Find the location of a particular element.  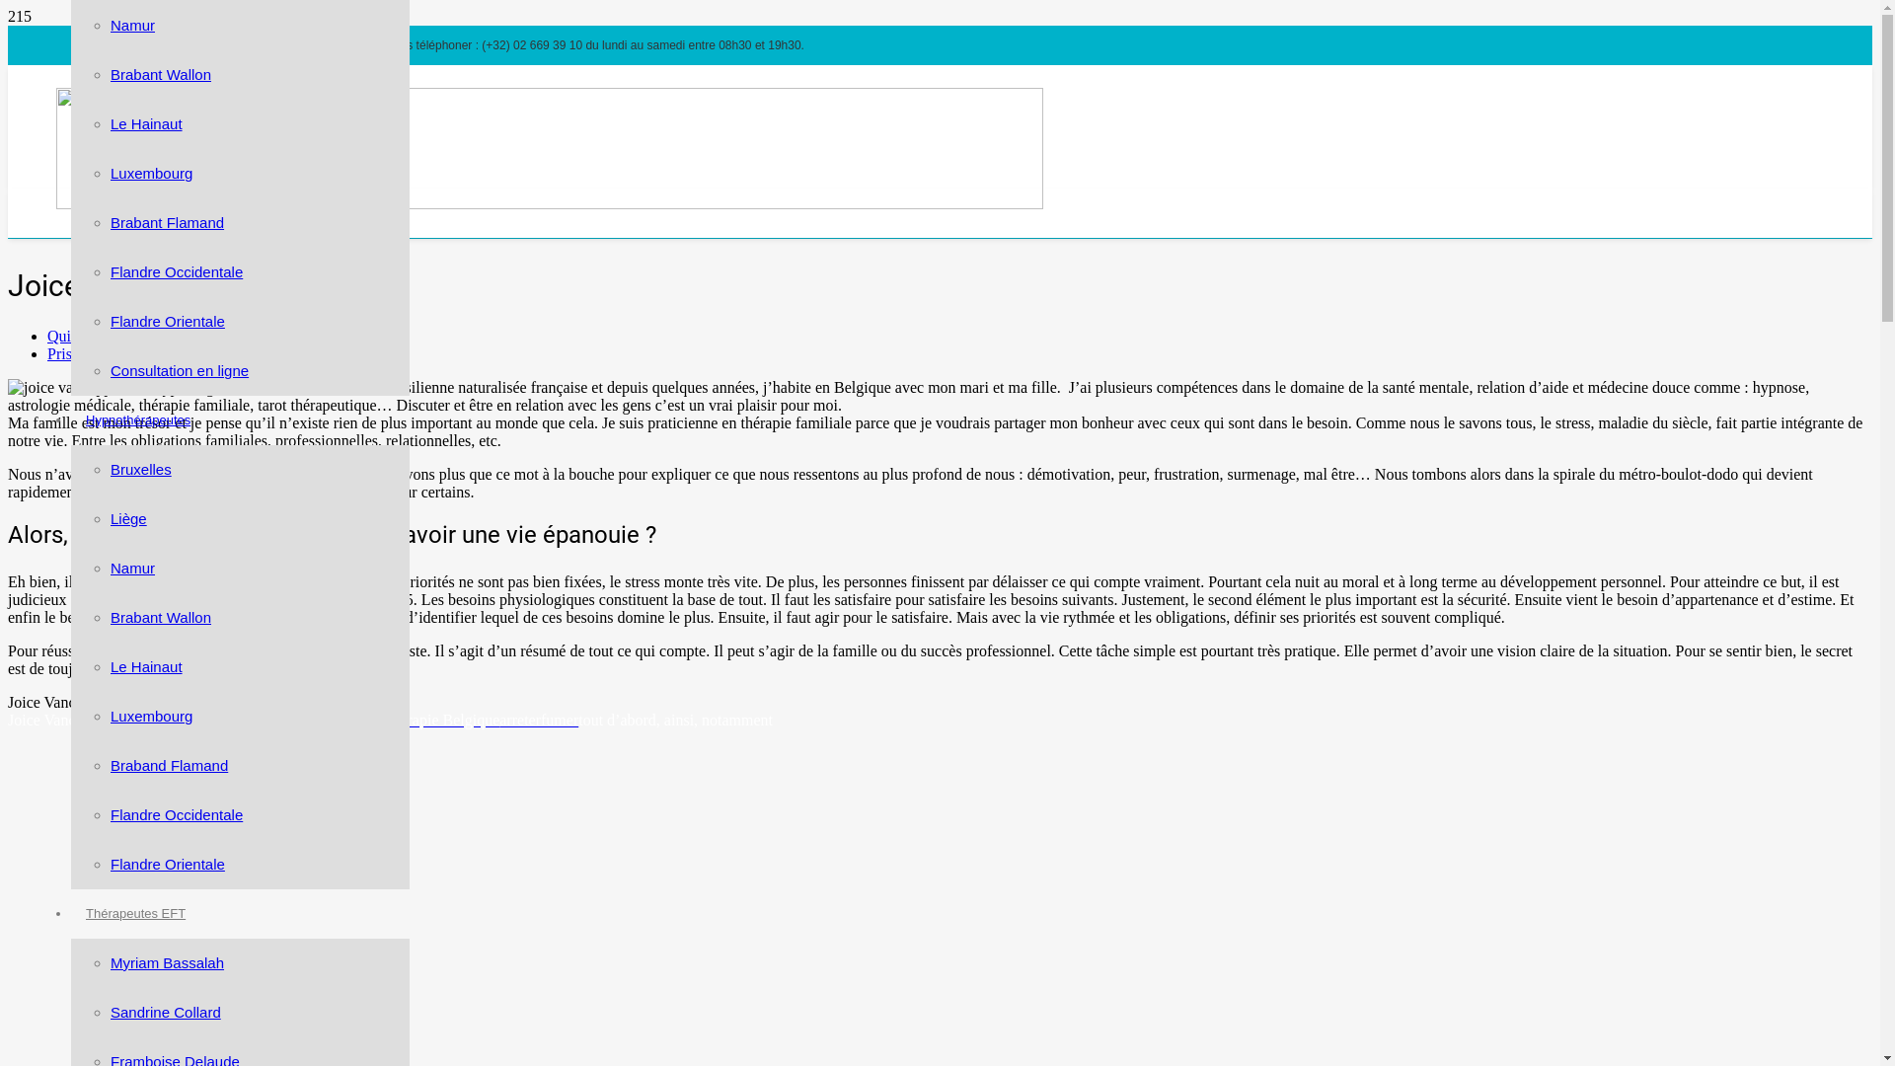

'Luxembourg' is located at coordinates (150, 172).